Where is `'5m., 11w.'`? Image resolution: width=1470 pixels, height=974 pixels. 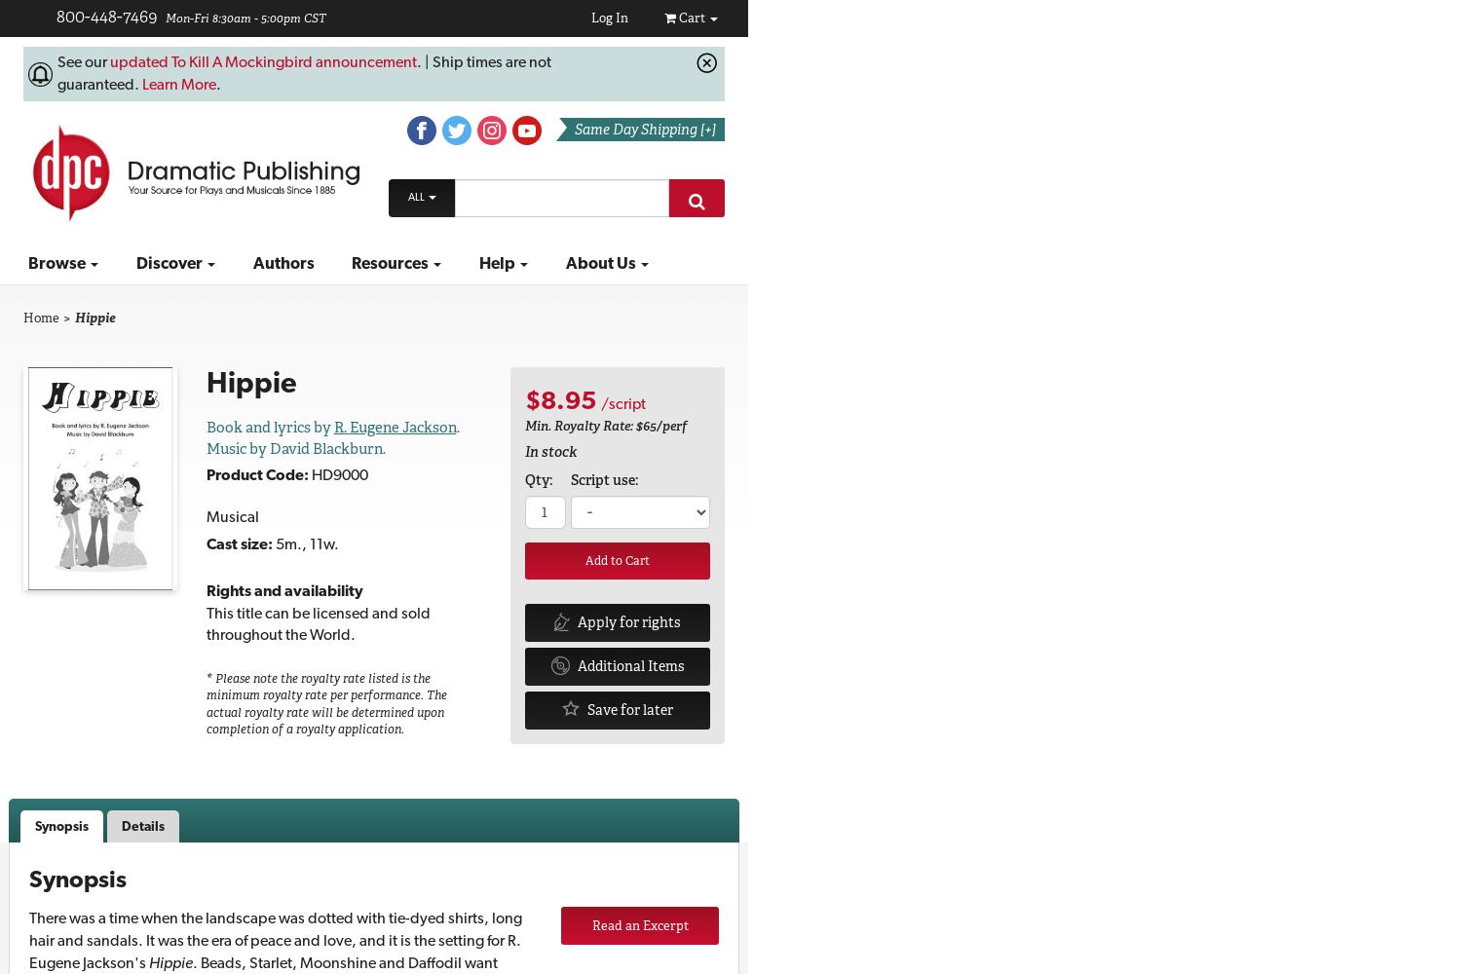 '5m., 11w.' is located at coordinates (303, 543).